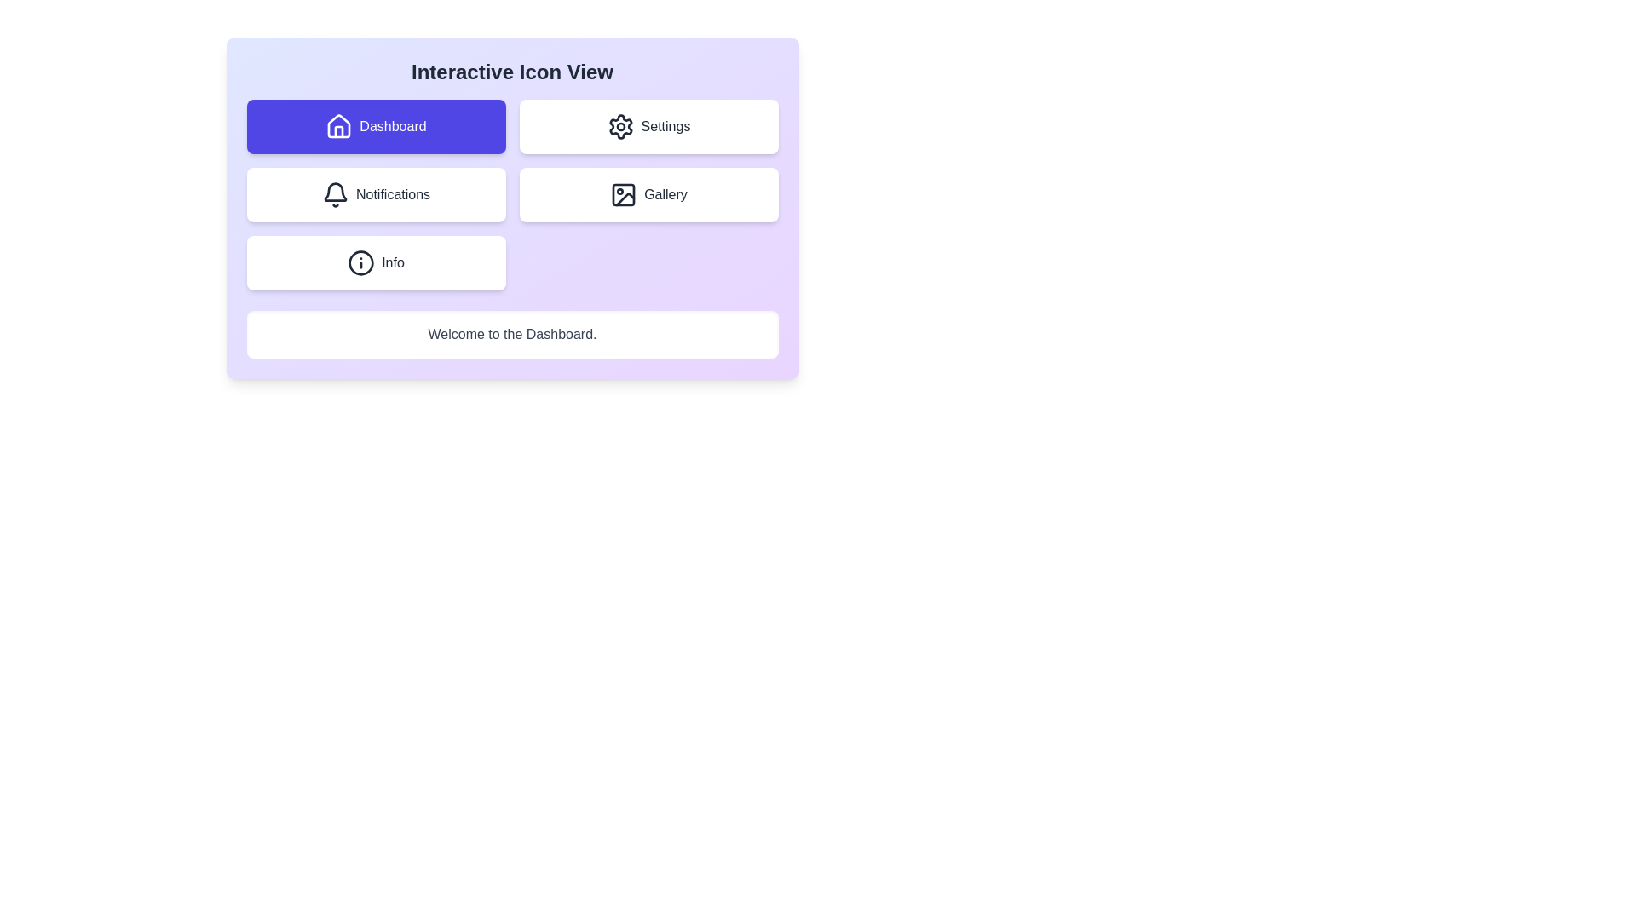  Describe the element at coordinates (375, 126) in the screenshot. I see `the rectangular blue button labeled 'Dashboard' with a house icon` at that location.